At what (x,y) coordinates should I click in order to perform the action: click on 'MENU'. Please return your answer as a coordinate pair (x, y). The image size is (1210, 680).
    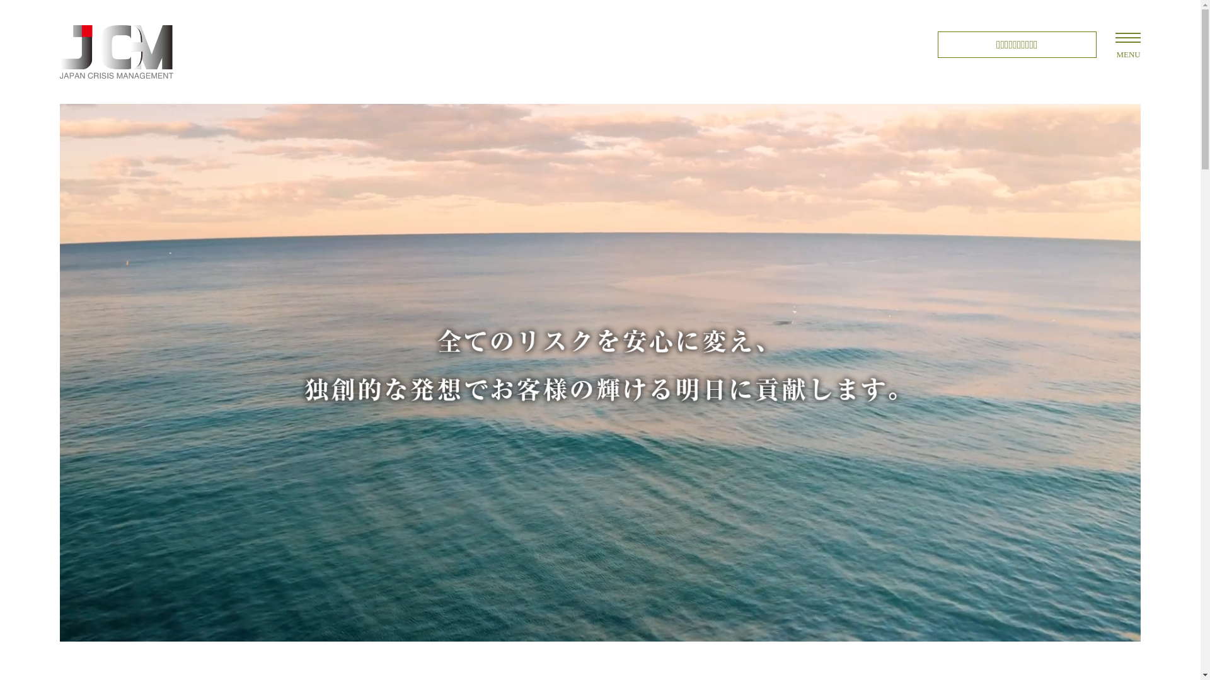
    Looking at the image, I should click on (1128, 37).